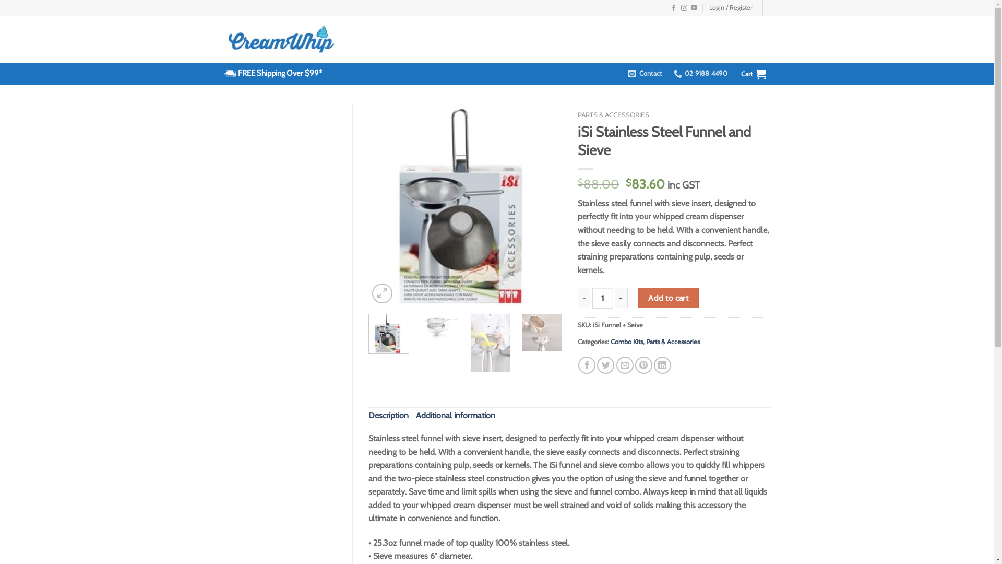 This screenshot has height=564, width=1002. I want to click on 'Skip to content', so click(0, 0).